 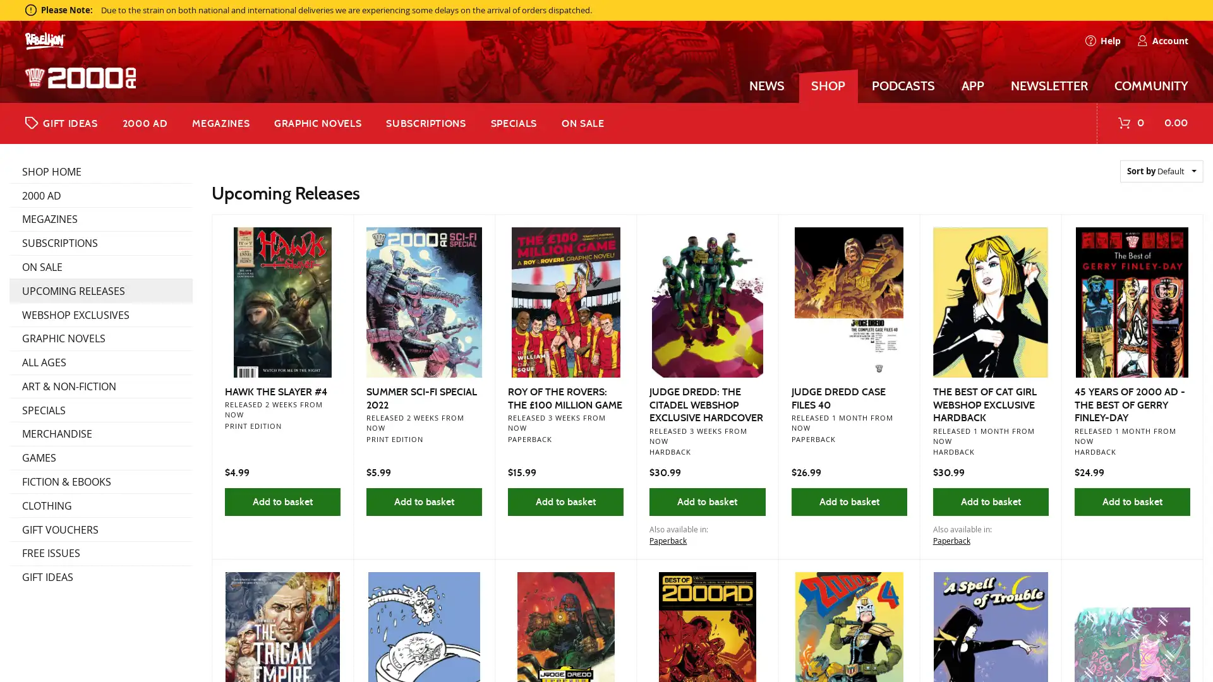 I want to click on Add to basket, so click(x=424, y=501).